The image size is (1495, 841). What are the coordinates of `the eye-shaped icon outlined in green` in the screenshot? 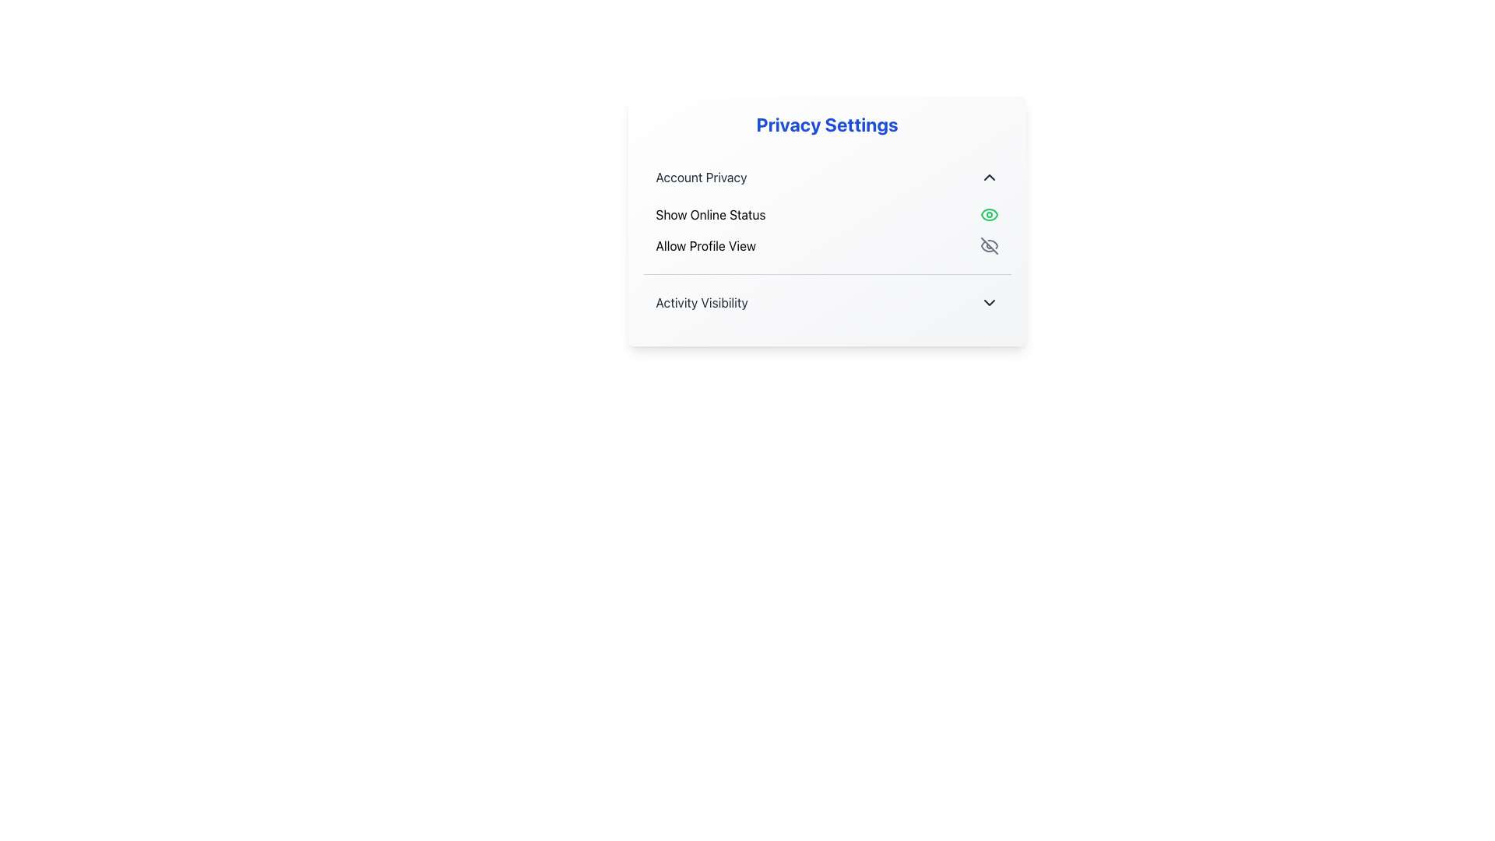 It's located at (988, 215).